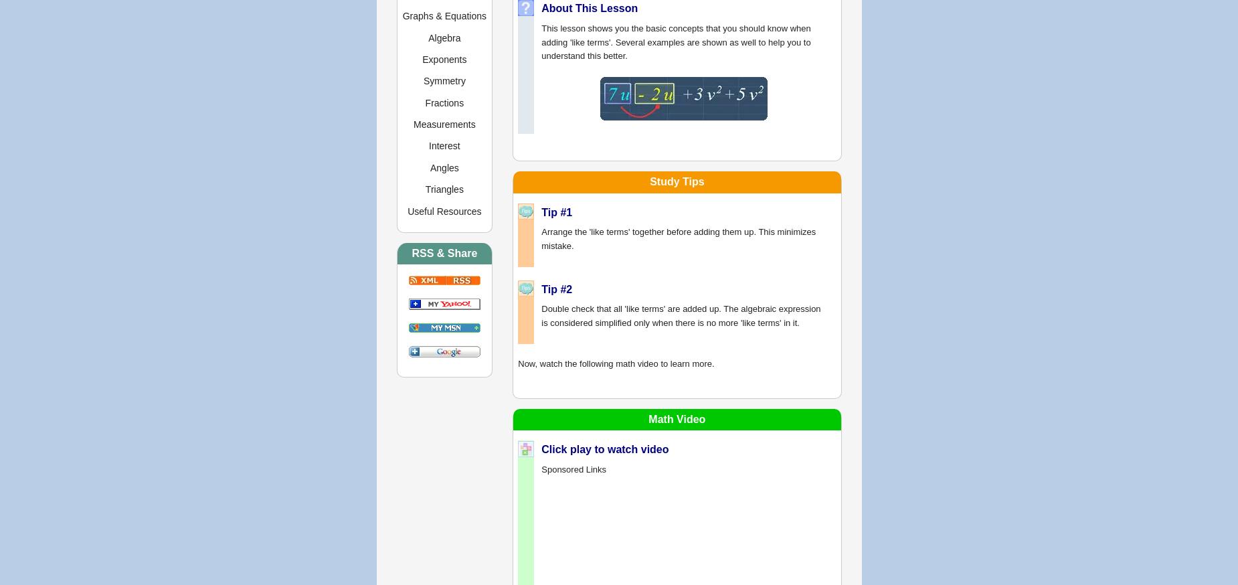 The image size is (1238, 585). What do you see at coordinates (429, 167) in the screenshot?
I see `'Angles'` at bounding box center [429, 167].